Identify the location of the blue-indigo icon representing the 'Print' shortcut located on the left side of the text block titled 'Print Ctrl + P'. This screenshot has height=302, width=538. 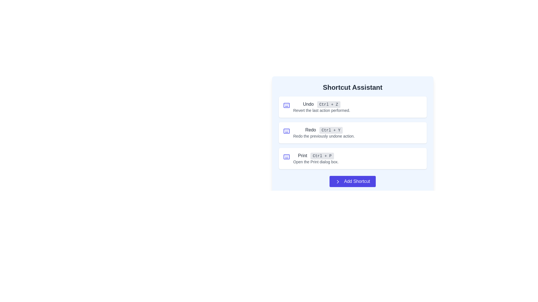
(286, 157).